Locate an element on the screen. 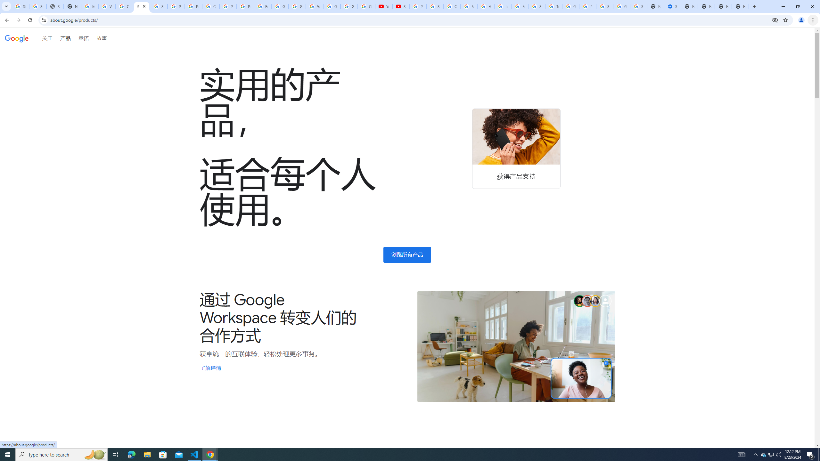  'Google Ads - Sign in' is located at coordinates (570, 6).